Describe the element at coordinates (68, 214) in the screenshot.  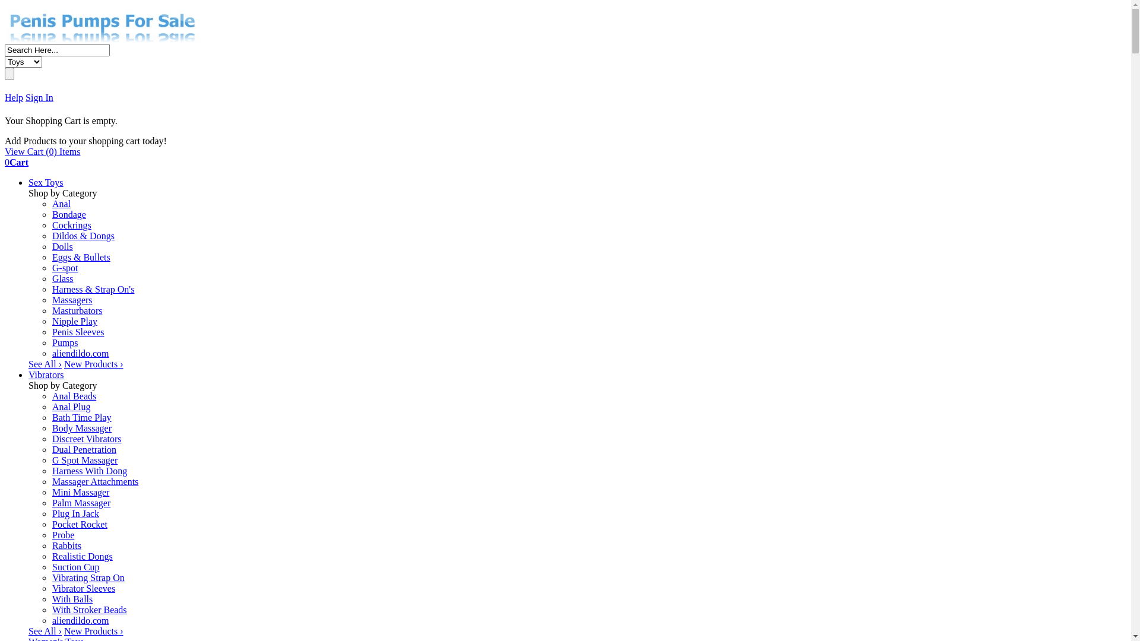
I see `'Bondage'` at that location.